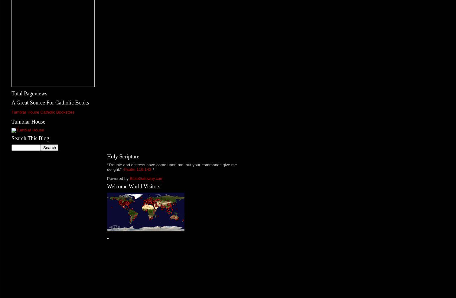  Describe the element at coordinates (123, 156) in the screenshot. I see `'Holy Scripture'` at that location.